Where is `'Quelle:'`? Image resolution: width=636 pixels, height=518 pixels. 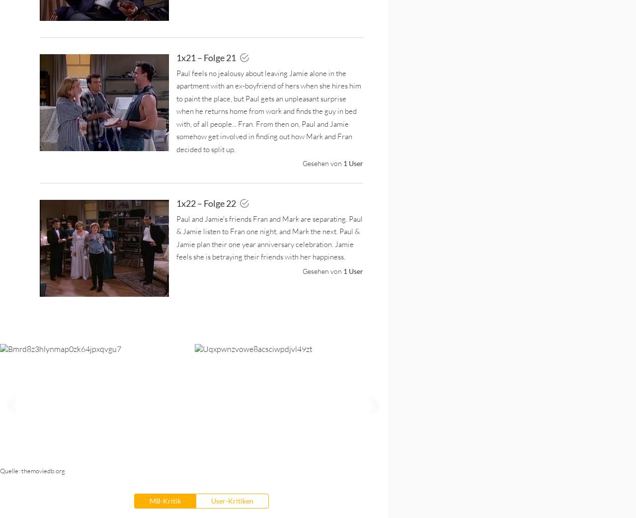 'Quelle:' is located at coordinates (10, 470).